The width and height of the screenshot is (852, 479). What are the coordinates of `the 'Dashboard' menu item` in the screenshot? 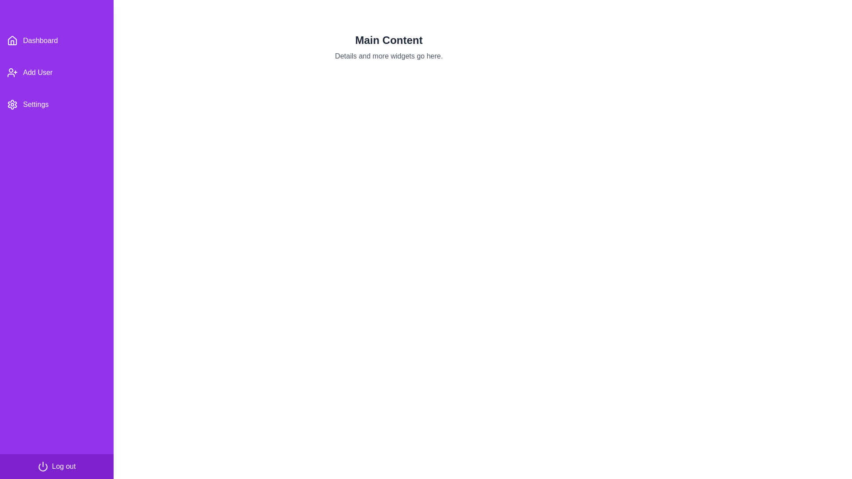 It's located at (56, 41).